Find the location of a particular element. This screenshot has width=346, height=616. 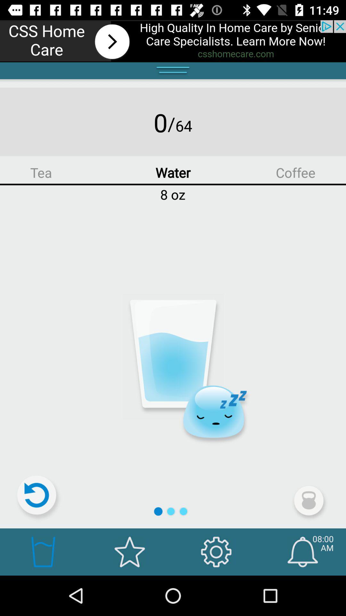

open advertisement is located at coordinates (173, 41).